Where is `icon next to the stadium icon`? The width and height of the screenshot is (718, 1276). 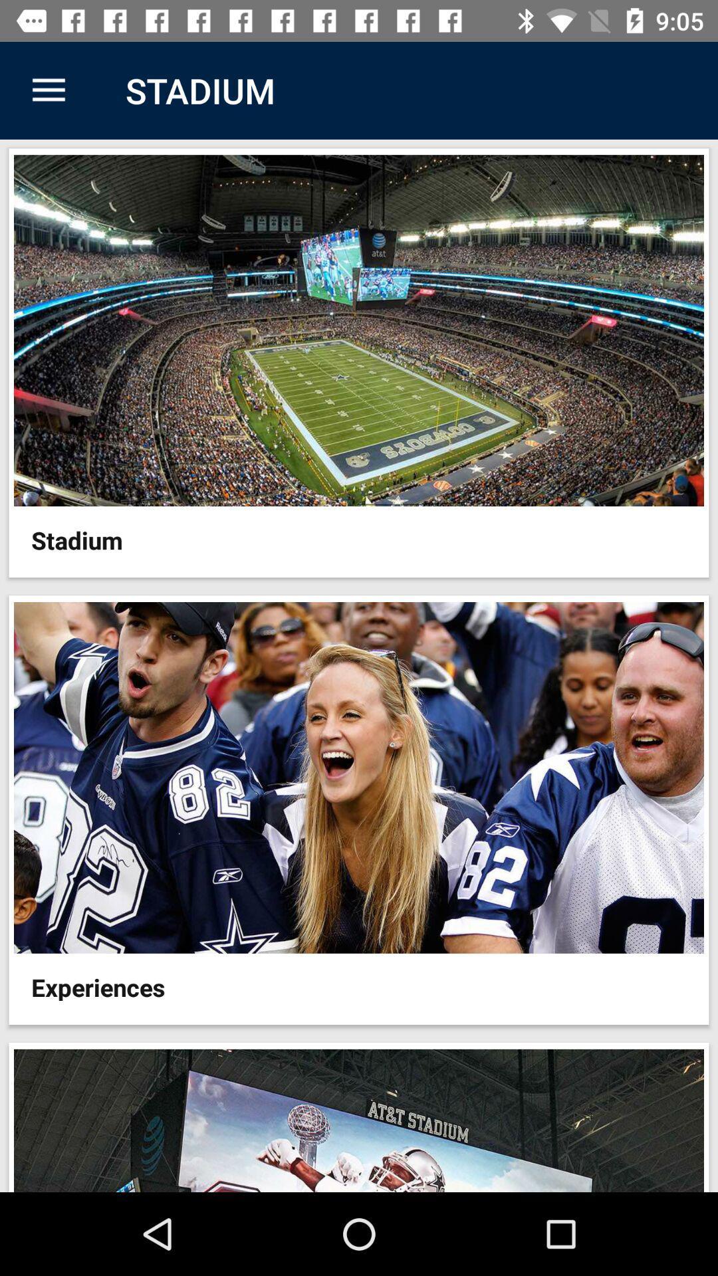
icon next to the stadium icon is located at coordinates (48, 90).